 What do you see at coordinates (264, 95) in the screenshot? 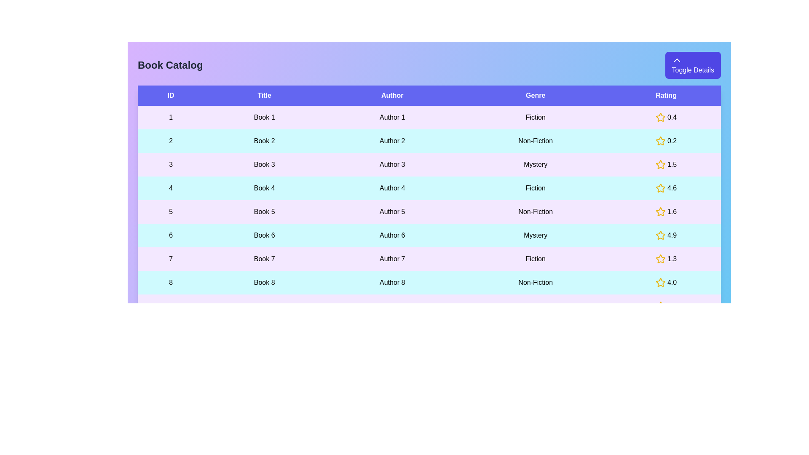
I see `the header of the column to sort the table by Title` at bounding box center [264, 95].